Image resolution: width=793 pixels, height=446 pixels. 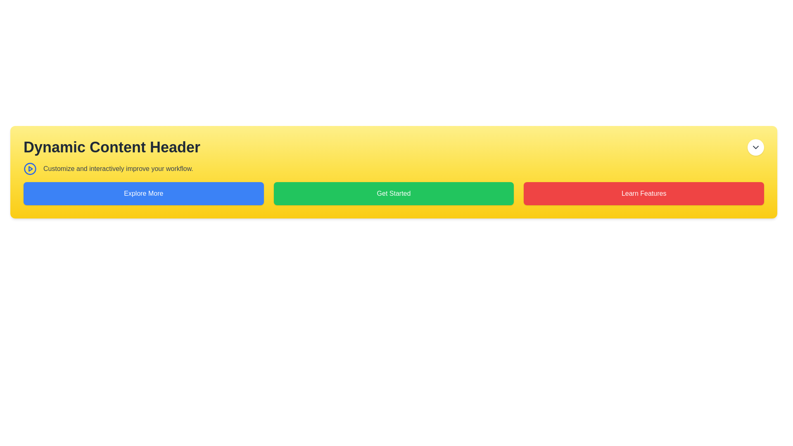 What do you see at coordinates (755, 147) in the screenshot?
I see `the downward-pointing chevron icon in the circular button located at the top right corner of the yellow panel` at bounding box center [755, 147].